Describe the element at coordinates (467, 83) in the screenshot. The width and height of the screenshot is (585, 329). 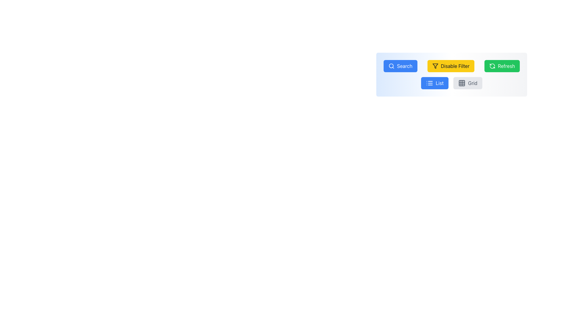
I see `the 'Grid' button, which is a rounded rectangular button in the top-right corner of the interface with a light gray background and dark gray text` at that location.